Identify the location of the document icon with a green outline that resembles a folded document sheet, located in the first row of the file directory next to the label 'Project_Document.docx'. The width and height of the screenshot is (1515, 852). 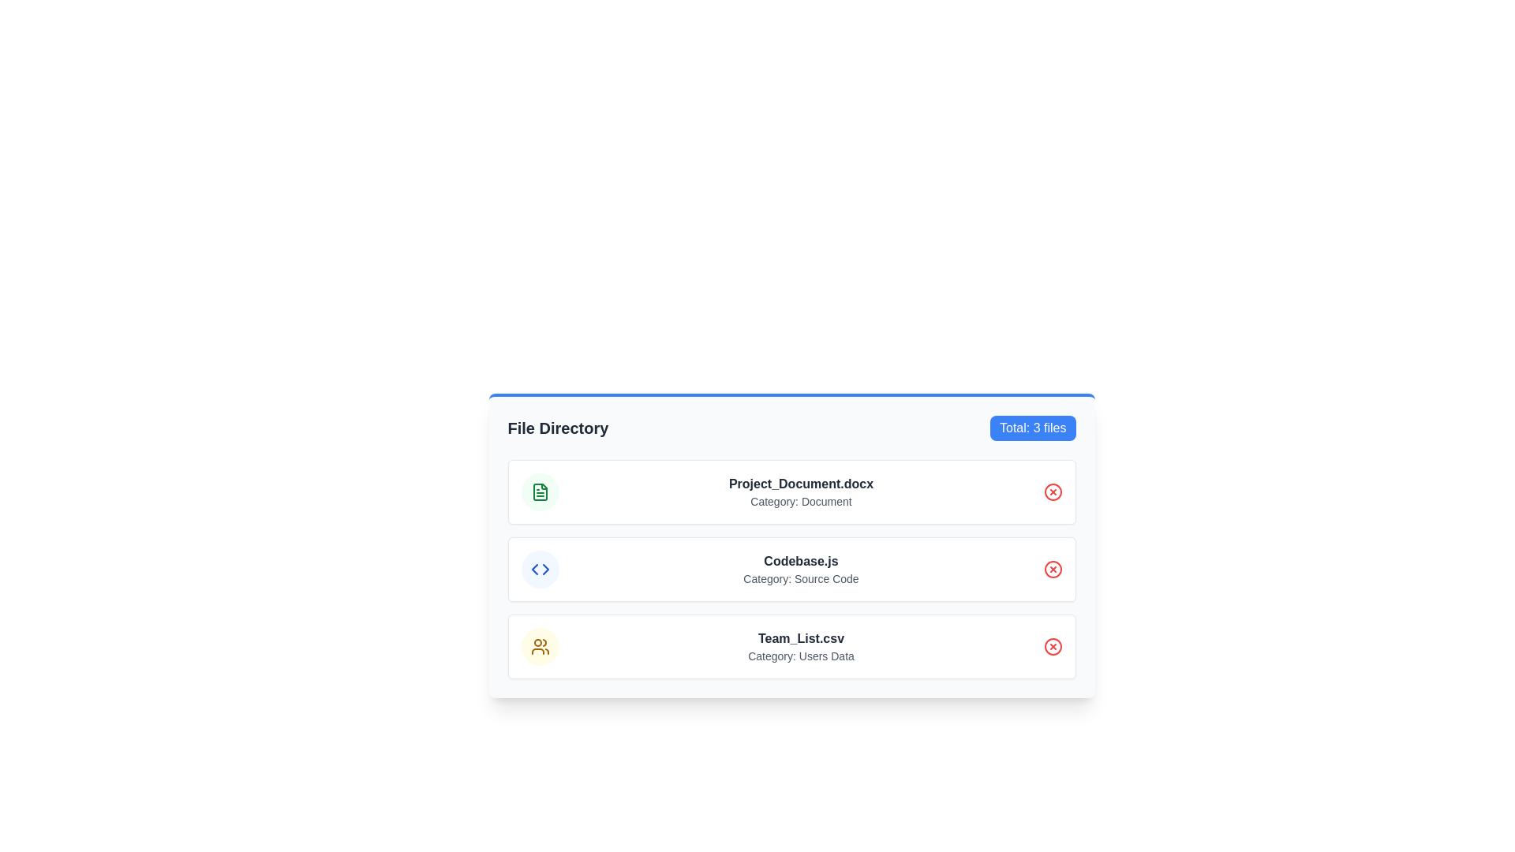
(540, 491).